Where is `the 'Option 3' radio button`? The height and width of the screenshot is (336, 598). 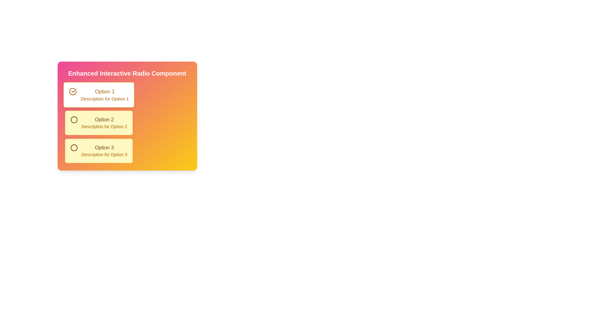 the 'Option 3' radio button is located at coordinates (98, 151).